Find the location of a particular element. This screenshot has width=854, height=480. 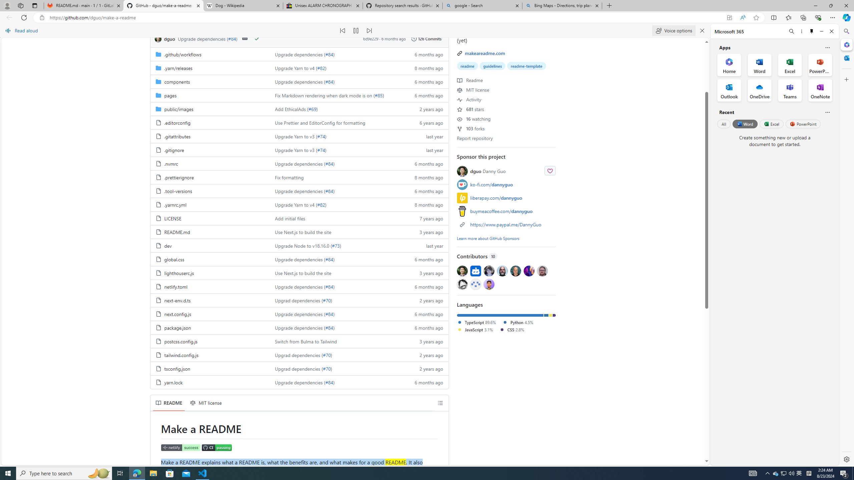

'.yarn/releases, (Directory)' is located at coordinates (209, 67).